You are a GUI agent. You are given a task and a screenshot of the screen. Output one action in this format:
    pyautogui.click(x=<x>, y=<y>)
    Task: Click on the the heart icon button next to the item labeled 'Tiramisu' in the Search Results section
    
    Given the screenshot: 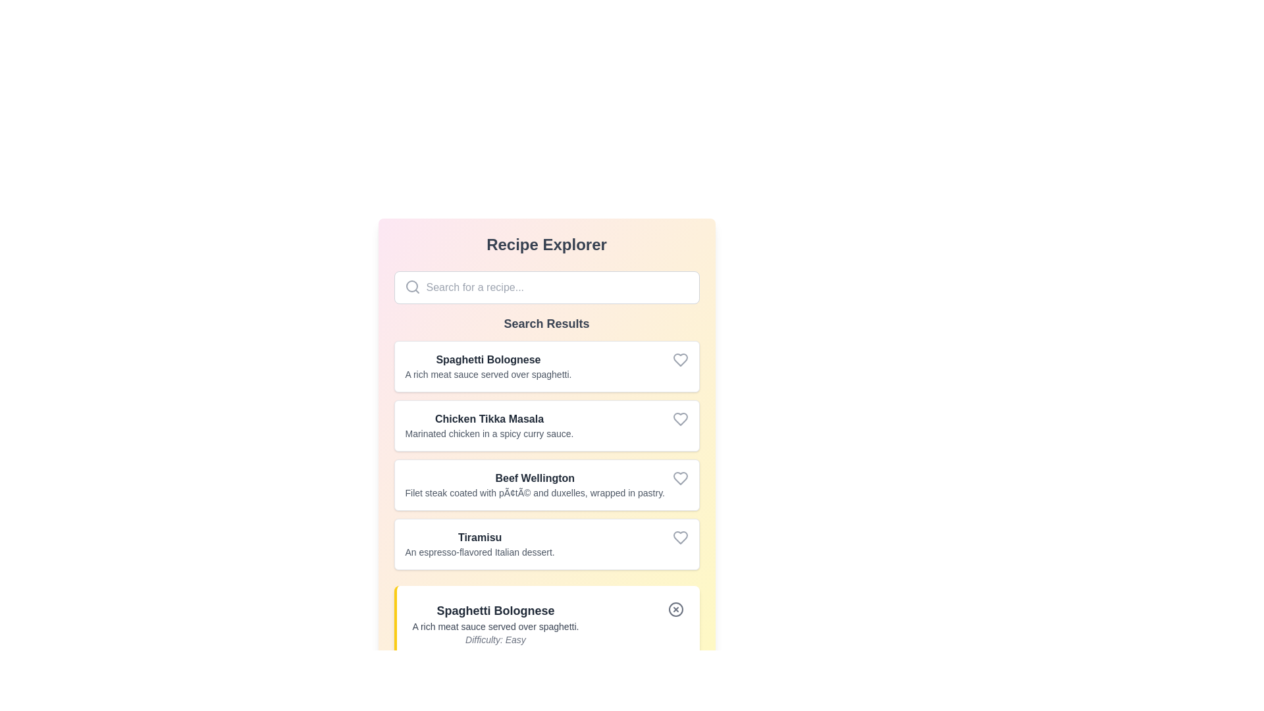 What is the action you would take?
    pyautogui.click(x=680, y=538)
    